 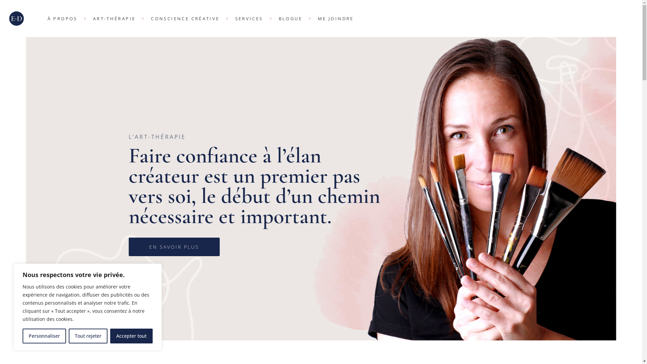 I want to click on 'ME JOINDRE', so click(x=336, y=18).